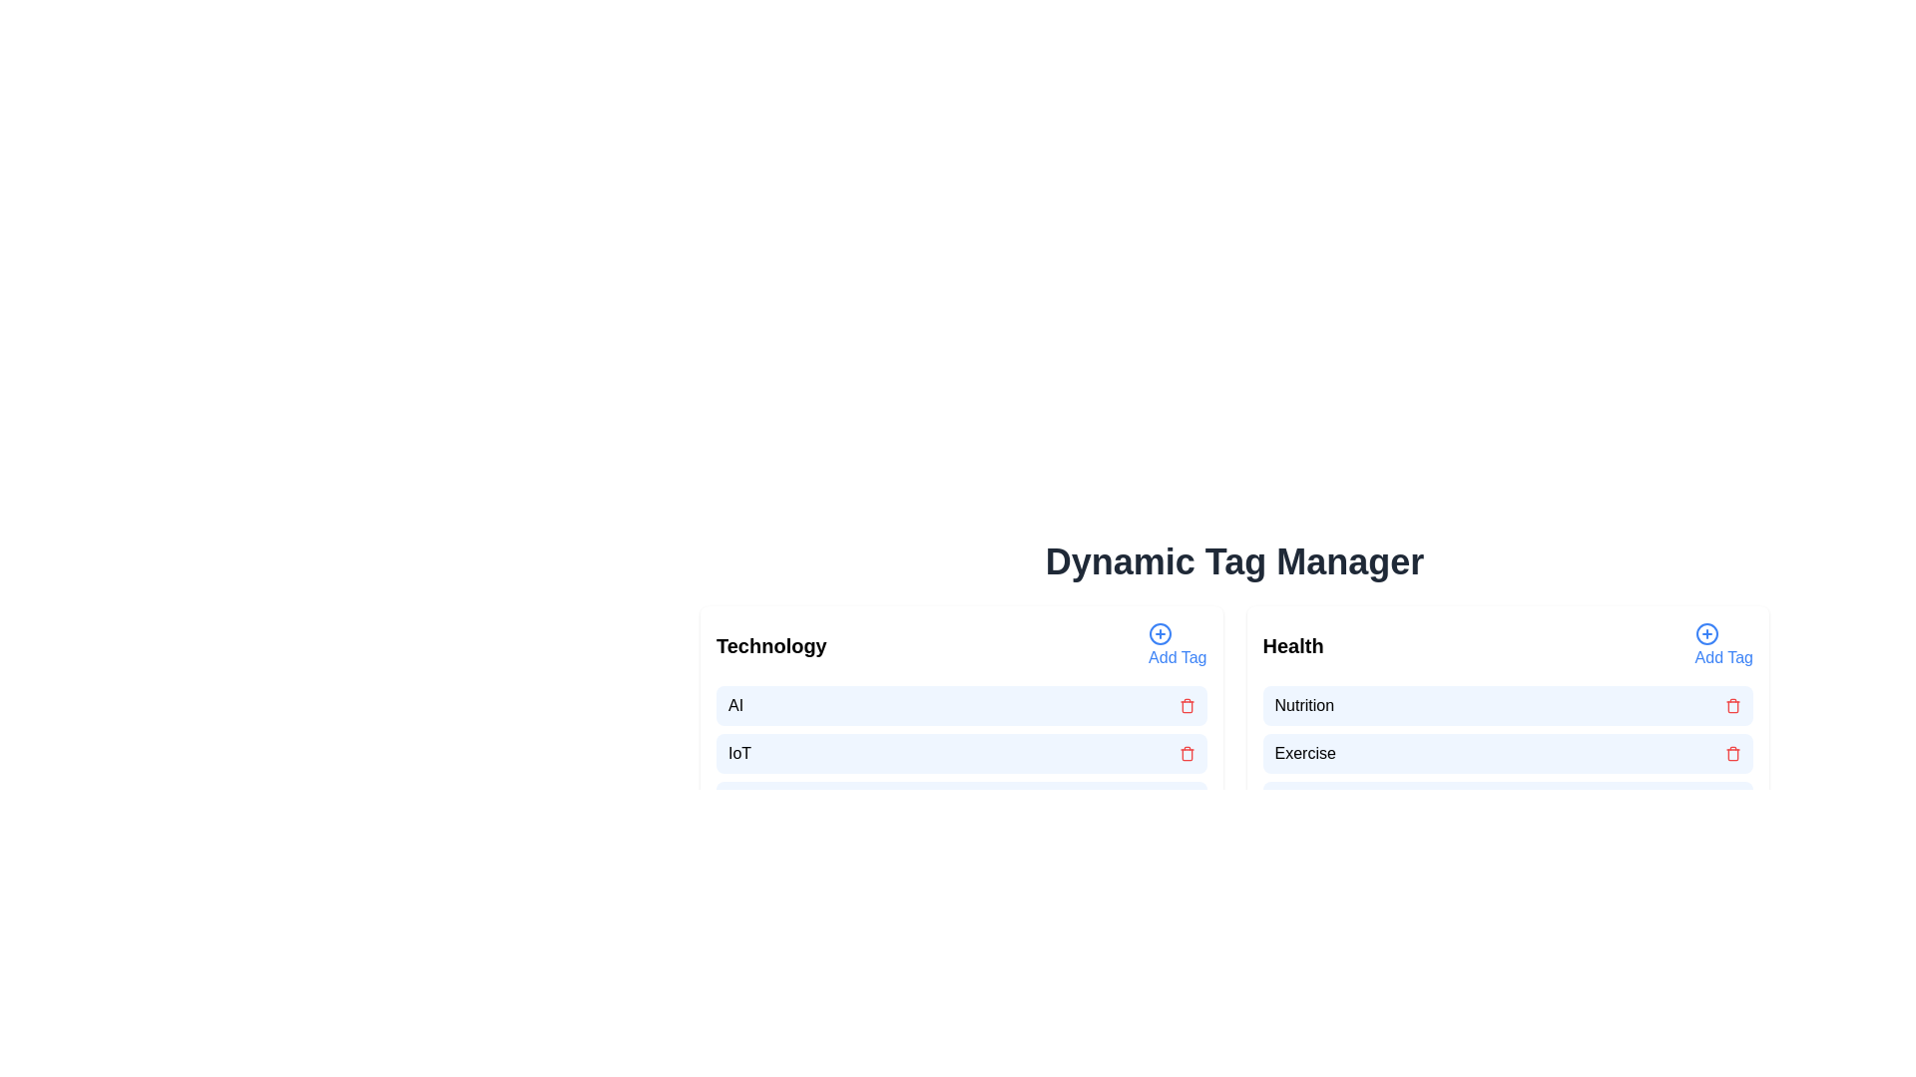  What do you see at coordinates (1161, 634) in the screenshot?
I see `the circular '+' icon button located in the 'Add Tag' group at the top-right of the 'Technology' section` at bounding box center [1161, 634].